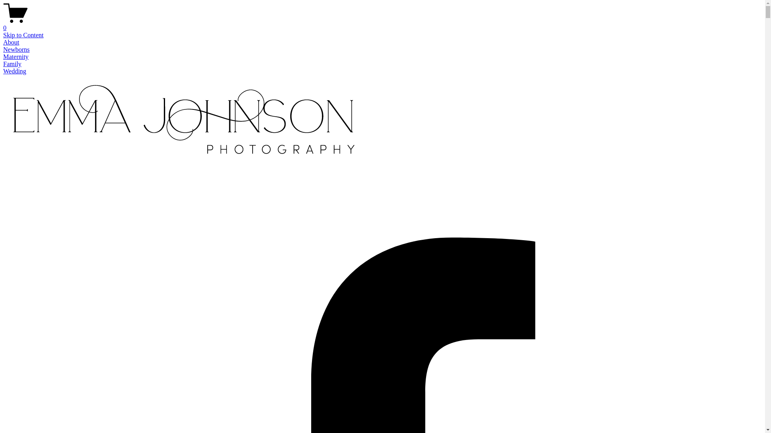 This screenshot has width=771, height=433. I want to click on 'Newborns', so click(16, 49).